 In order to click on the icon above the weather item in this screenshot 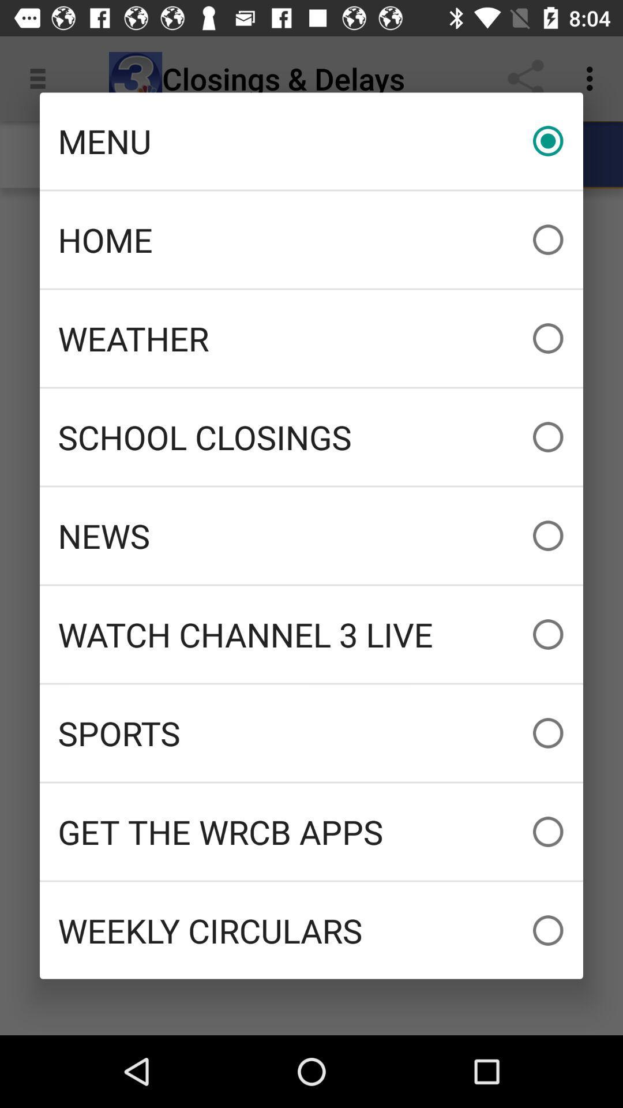, I will do `click(311, 239)`.